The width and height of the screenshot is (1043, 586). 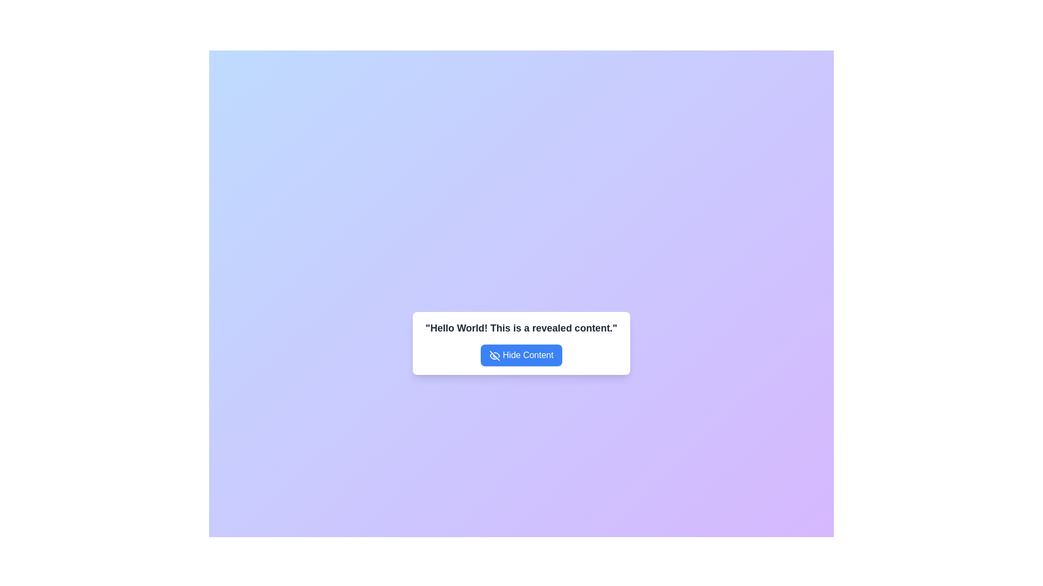 What do you see at coordinates (494, 355) in the screenshot?
I see `the 'eye-off' icon within the 'Hide Content' blue button` at bounding box center [494, 355].